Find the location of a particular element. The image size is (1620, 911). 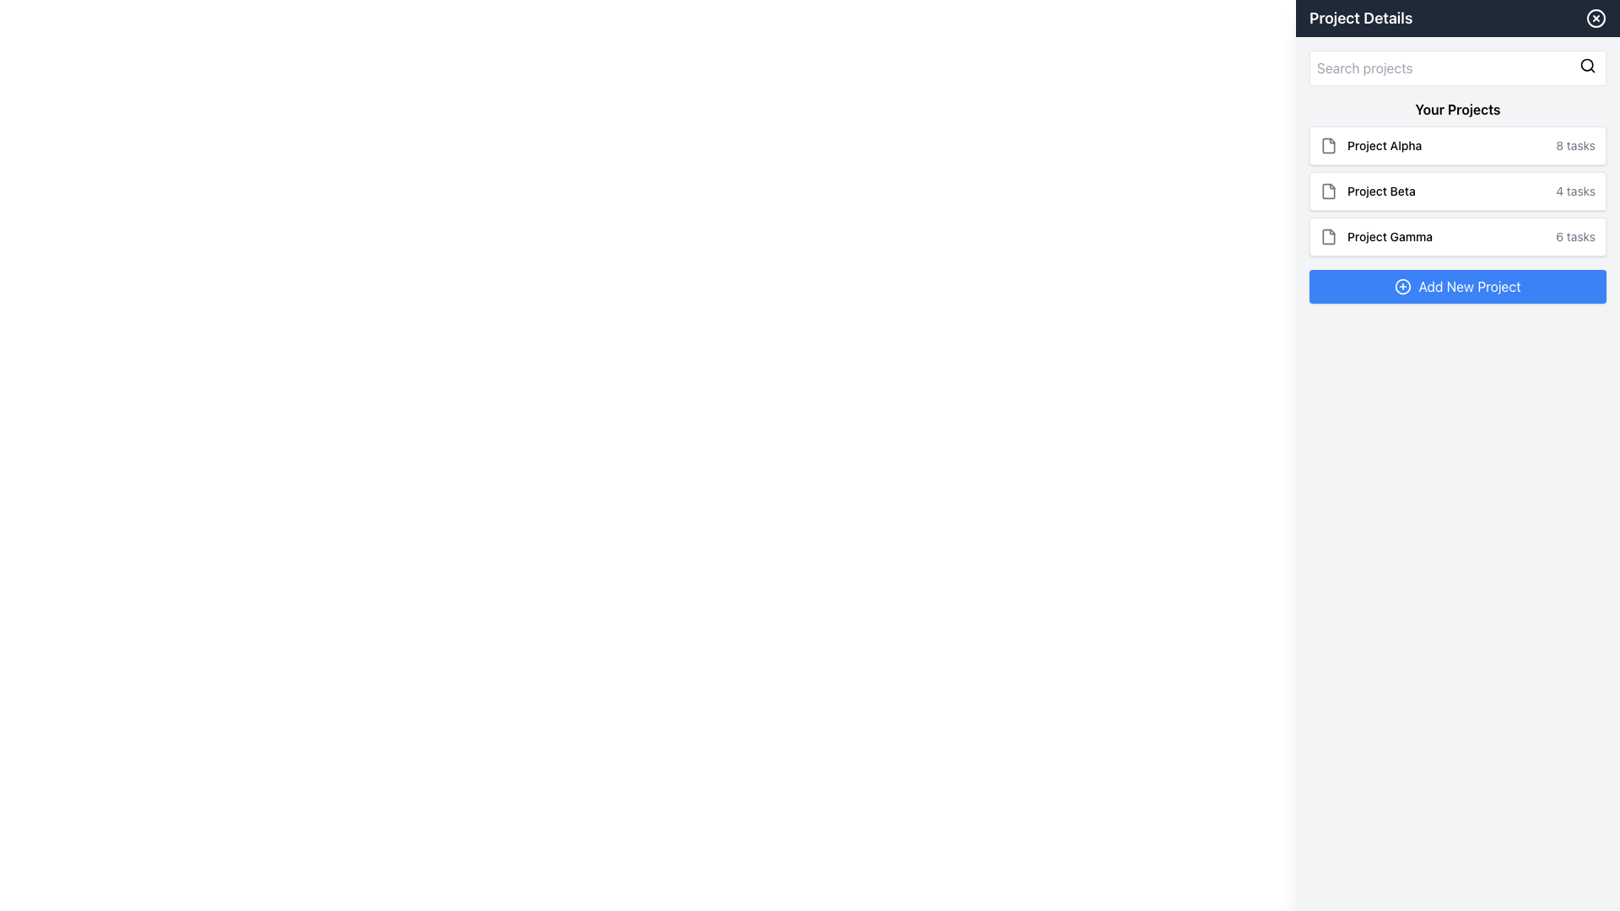

the button located at the bottom of the 'Project Details' section to change its background color is located at coordinates (1457, 285).